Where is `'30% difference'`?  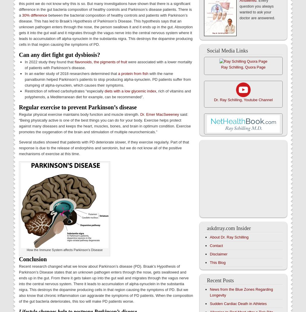
'30% difference' is located at coordinates (34, 15).